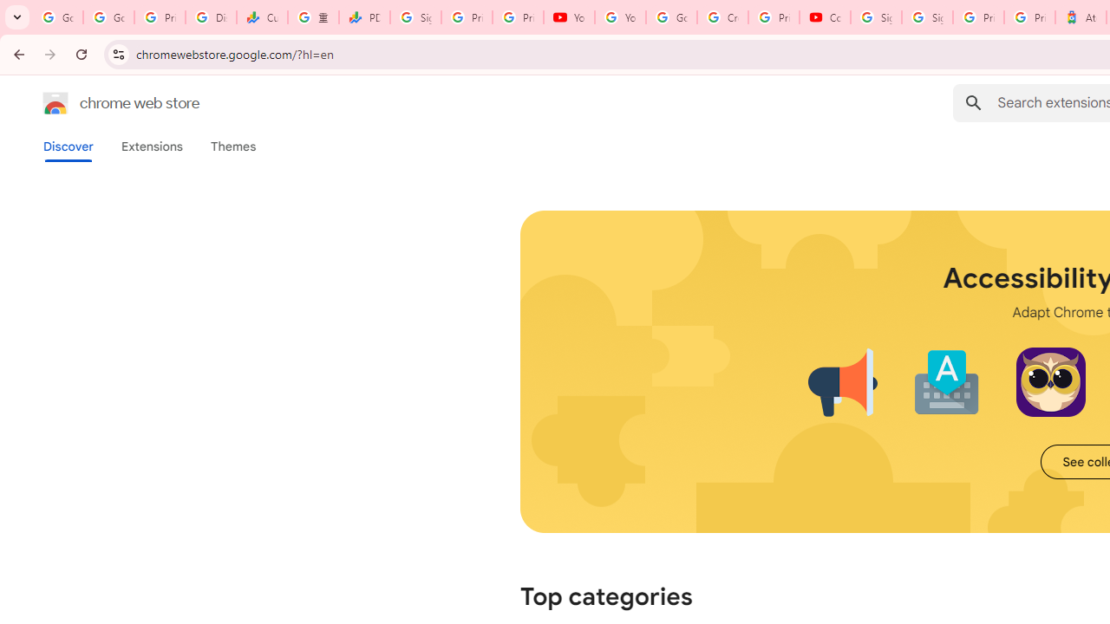 The width and height of the screenshot is (1110, 624). Describe the element at coordinates (16, 53) in the screenshot. I see `'Back'` at that location.